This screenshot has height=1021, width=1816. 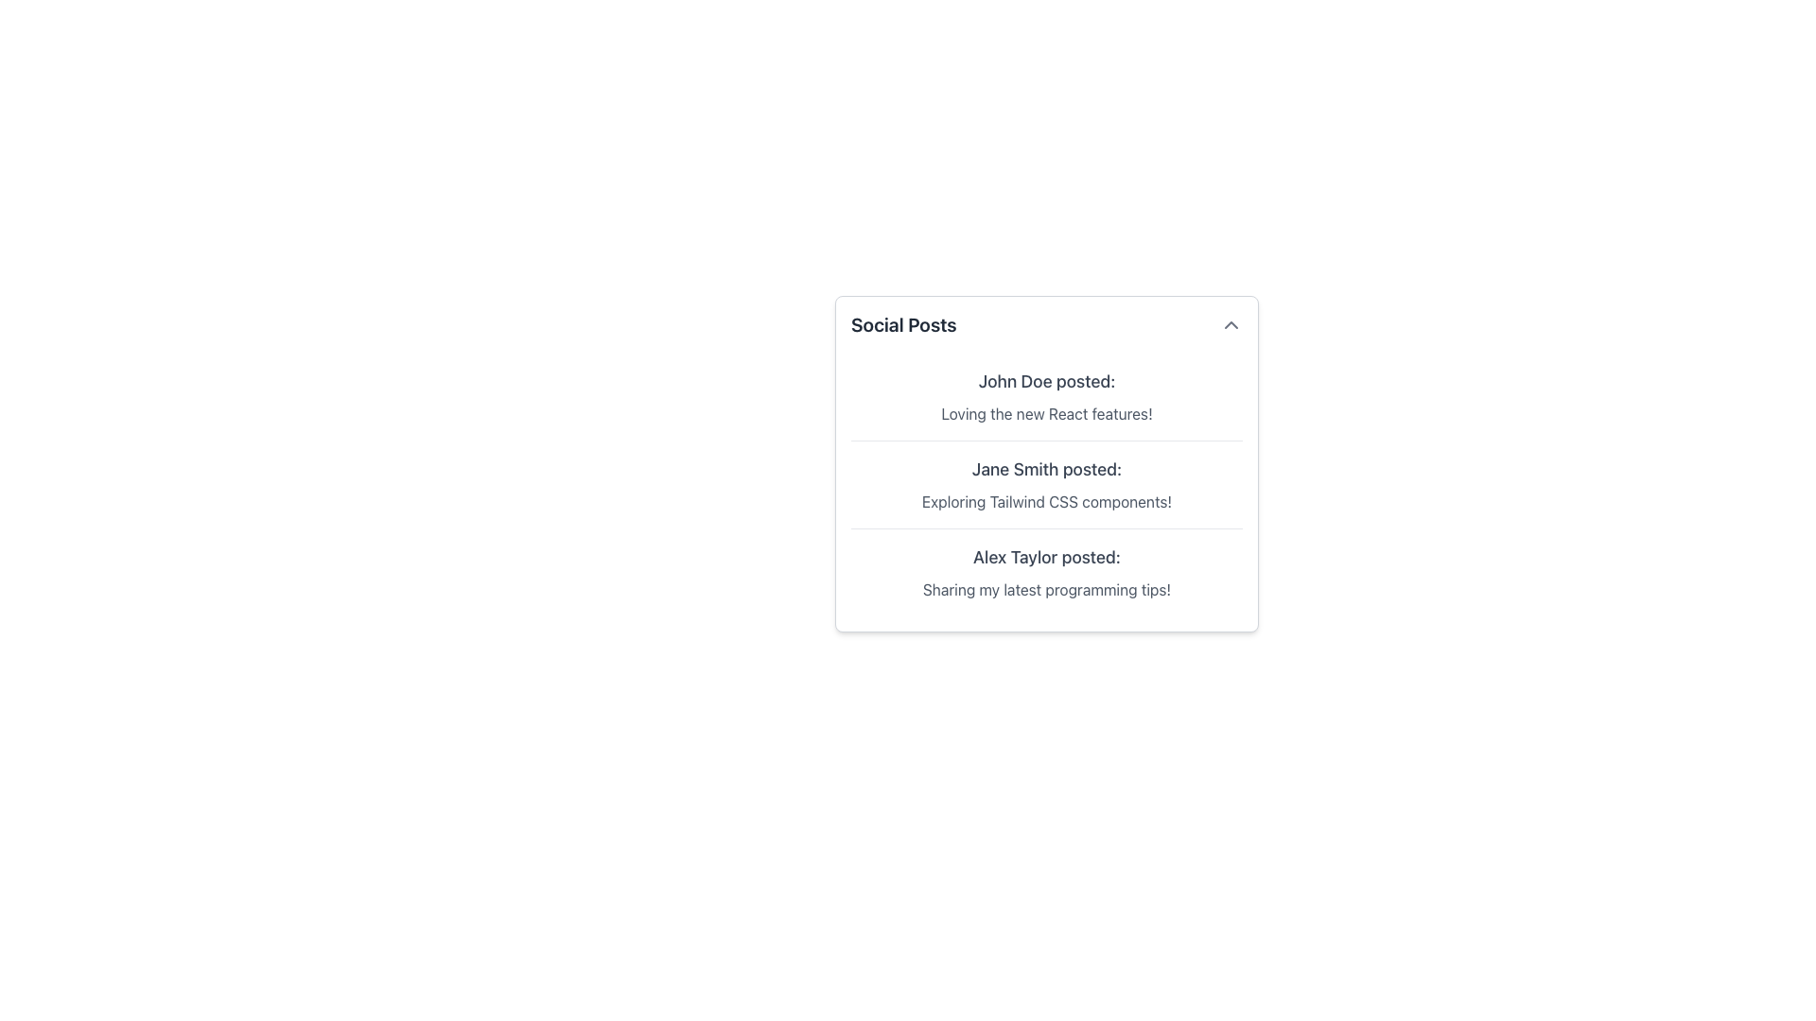 I want to click on the text content display that shows 'Jane Smith posted:' and 'Exploring Tailwind CSS components!' in a vertical listing of user posts, so click(x=1046, y=483).